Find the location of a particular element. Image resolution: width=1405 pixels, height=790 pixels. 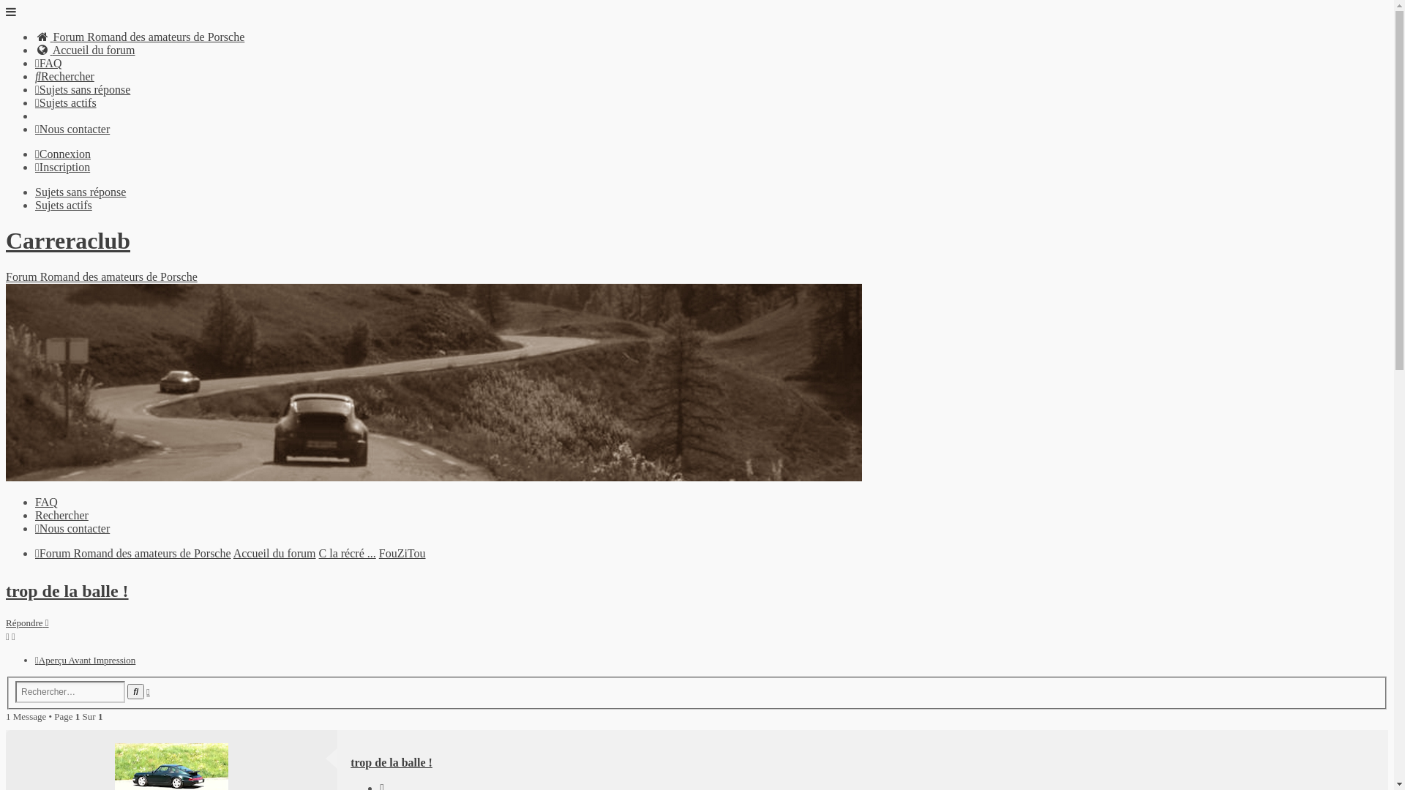

'Connexion' is located at coordinates (62, 154).